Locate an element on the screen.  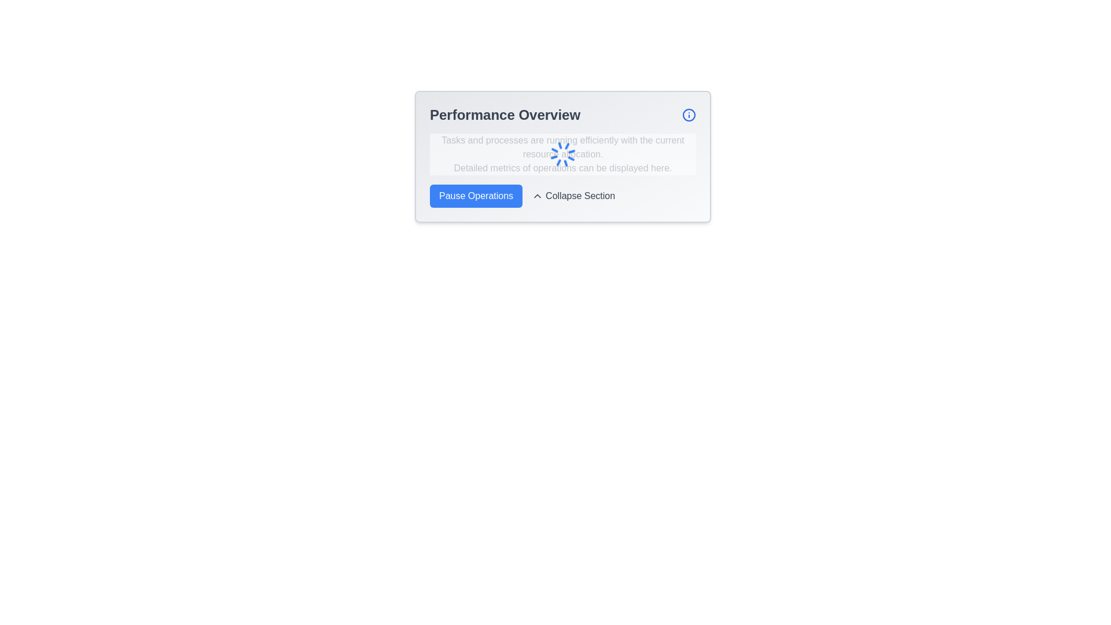
supplementary text content that states 'Detailed metrics of operations can be displayed here.' located below the message 'Tasks and processes are running efficiently with the current resource allocation.' in the 'Performance Overview' section is located at coordinates (563, 168).